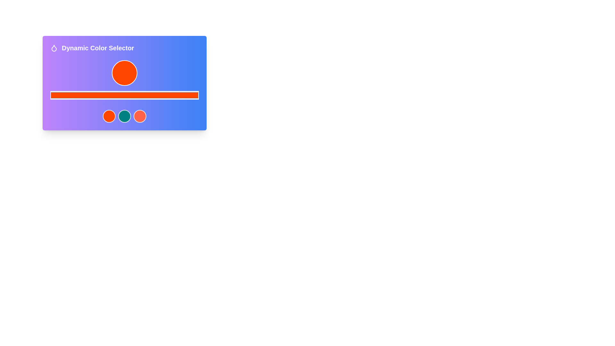  Describe the element at coordinates (54, 48) in the screenshot. I see `the droplet-shaped icon with a white outline next to the text 'Dynamic Color Selector'` at that location.